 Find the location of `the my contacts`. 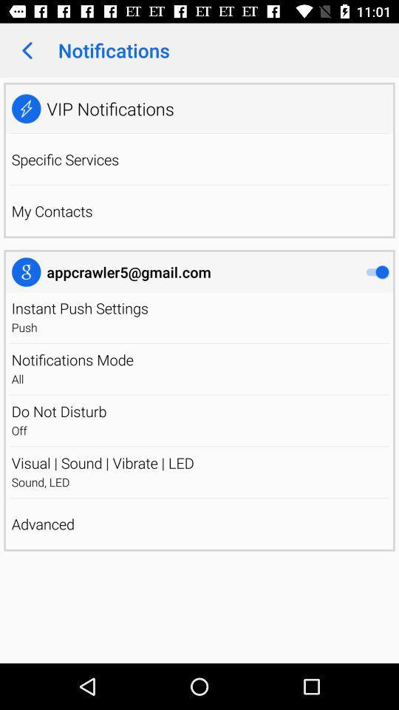

the my contacts is located at coordinates (51, 210).